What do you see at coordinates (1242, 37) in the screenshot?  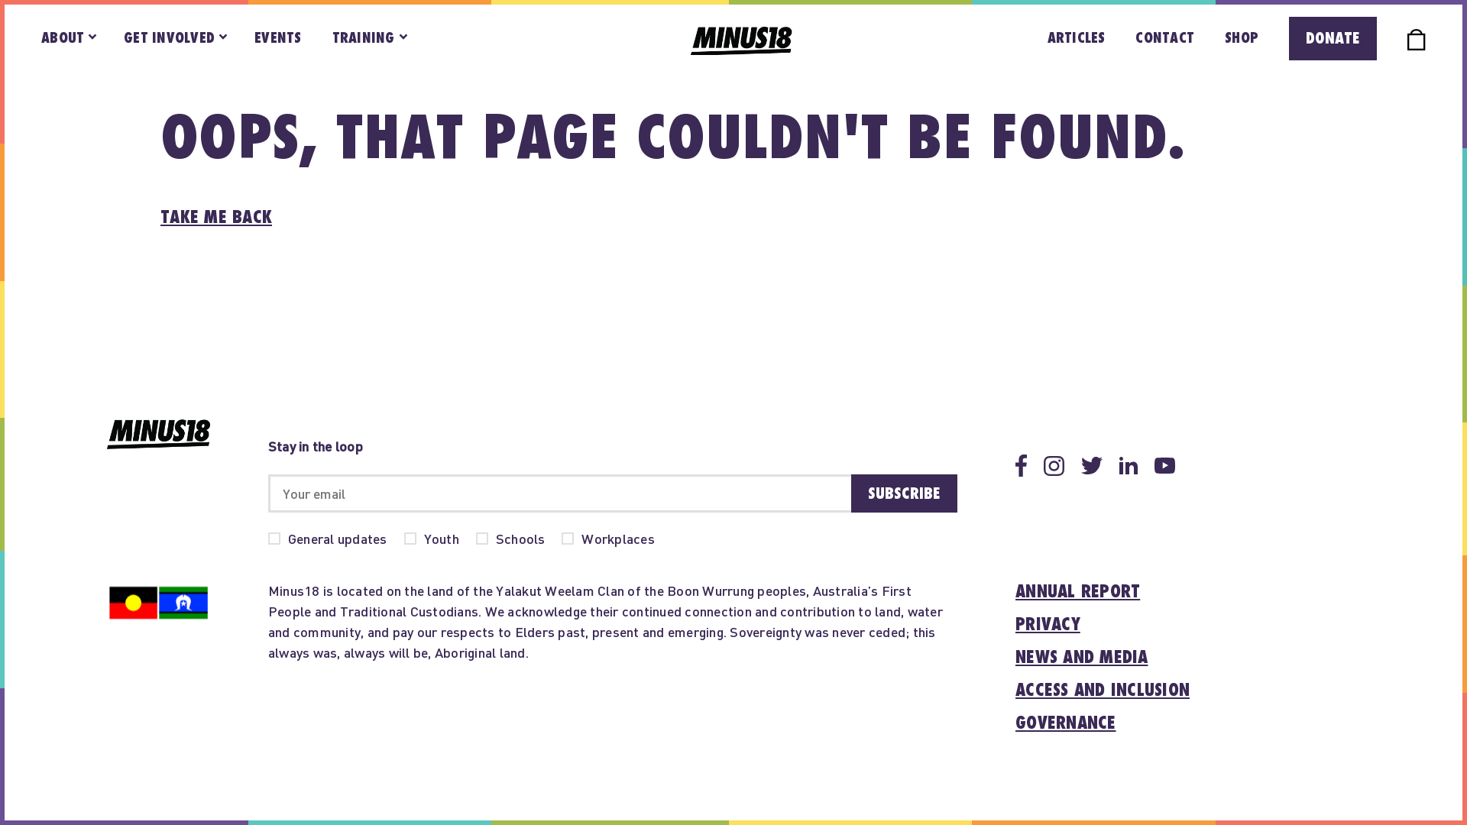 I see `'SHOP'` at bounding box center [1242, 37].